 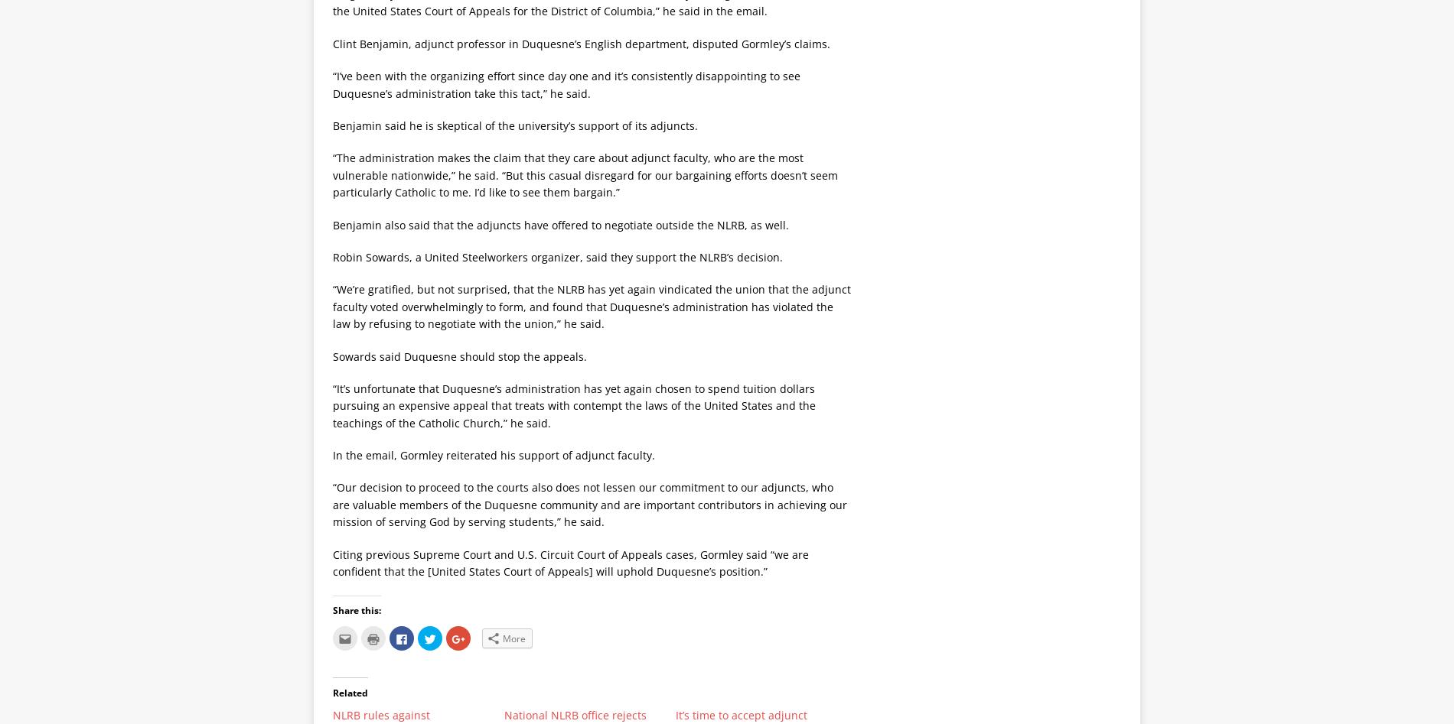 I want to click on 'Related', so click(x=350, y=691).